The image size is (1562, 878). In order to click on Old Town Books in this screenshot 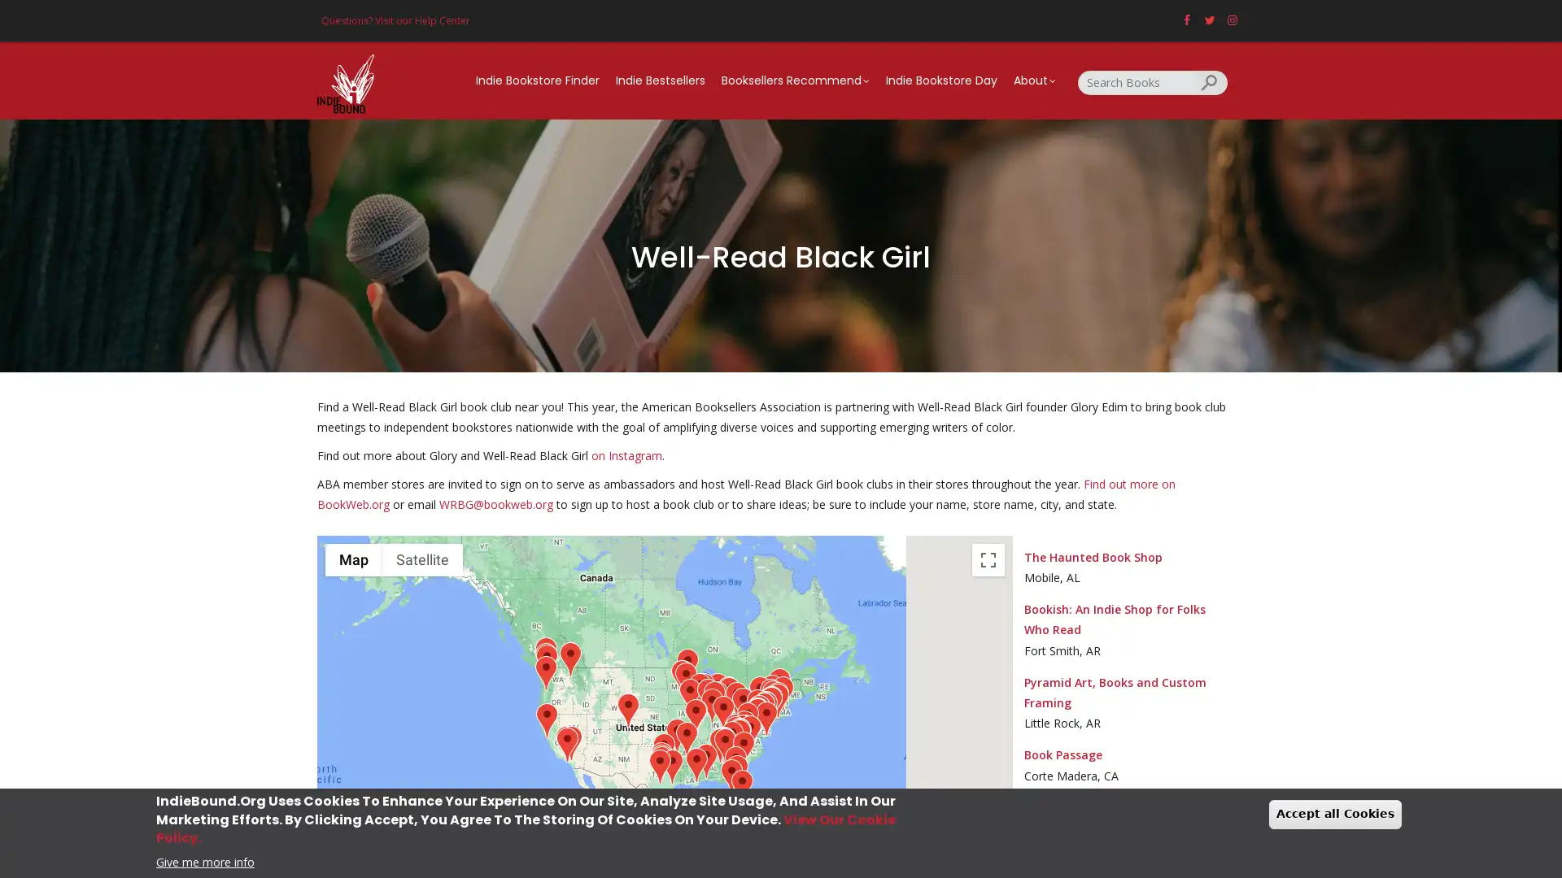, I will do `click(756, 714)`.